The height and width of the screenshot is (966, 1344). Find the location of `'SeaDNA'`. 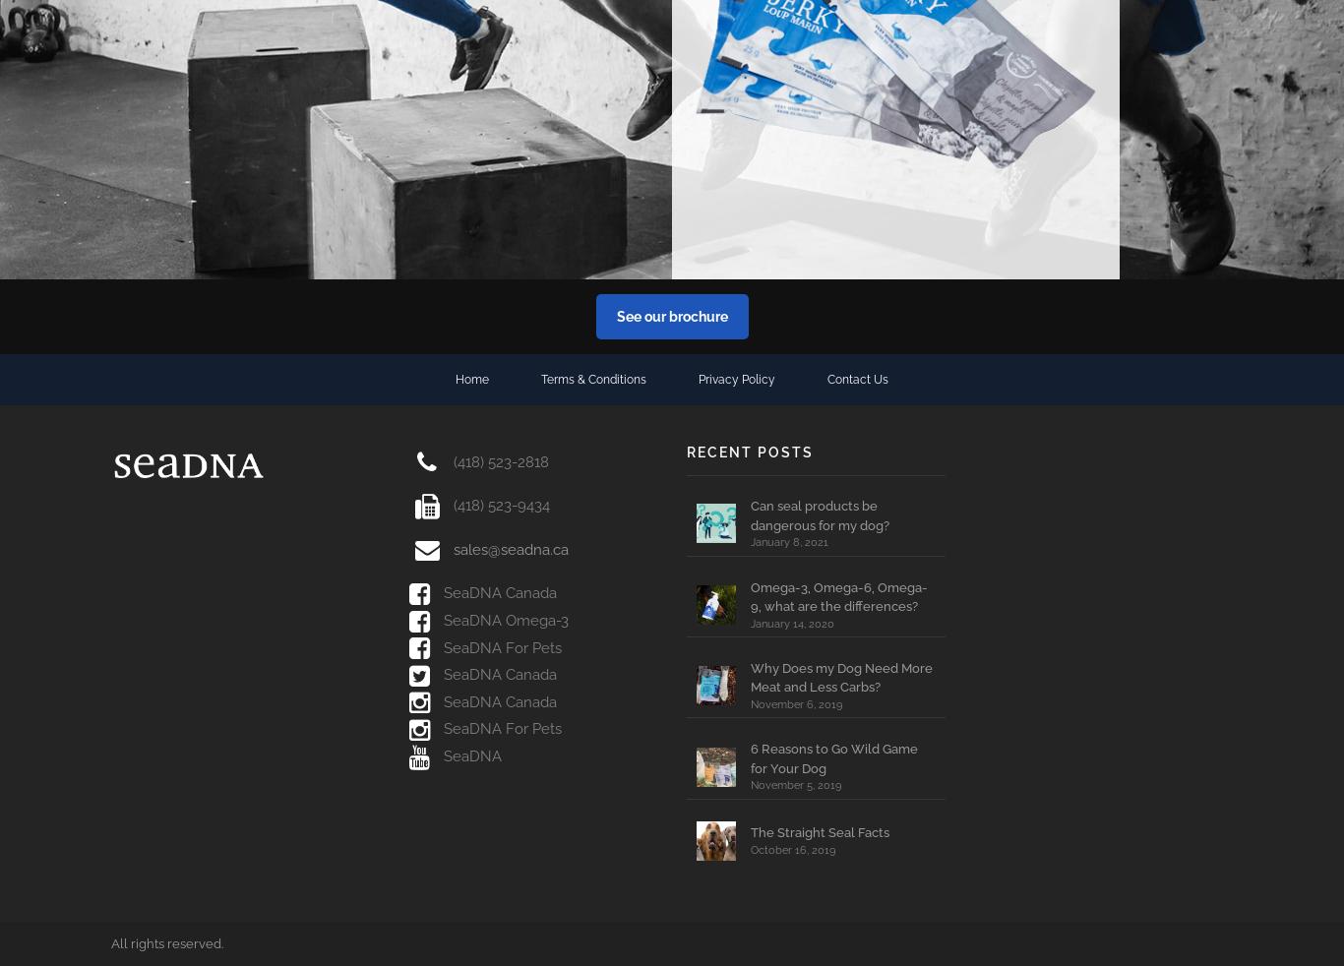

'SeaDNA' is located at coordinates (437, 756).